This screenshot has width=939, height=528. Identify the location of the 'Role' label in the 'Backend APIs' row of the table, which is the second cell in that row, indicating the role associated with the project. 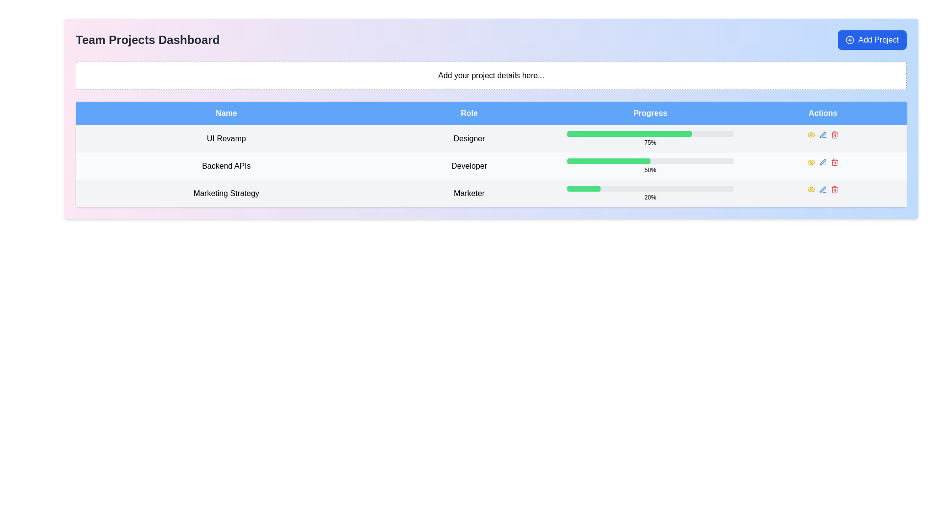
(469, 165).